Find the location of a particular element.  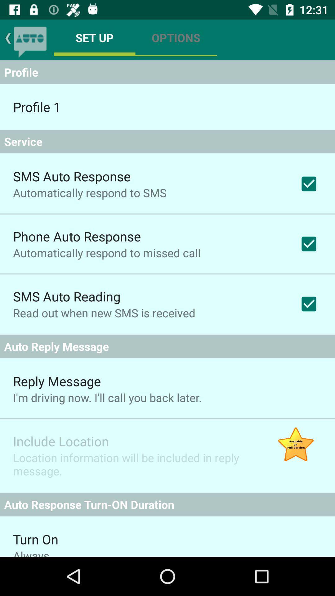

the item above the sms auto response item is located at coordinates (167, 141).